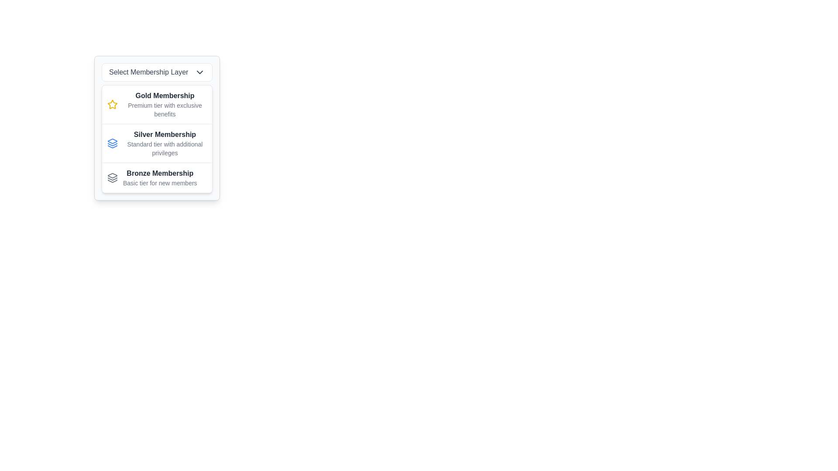 This screenshot has width=838, height=471. I want to click on the dropdown menu header for selecting a membership tier, which reveals additional membership options, so click(157, 72).